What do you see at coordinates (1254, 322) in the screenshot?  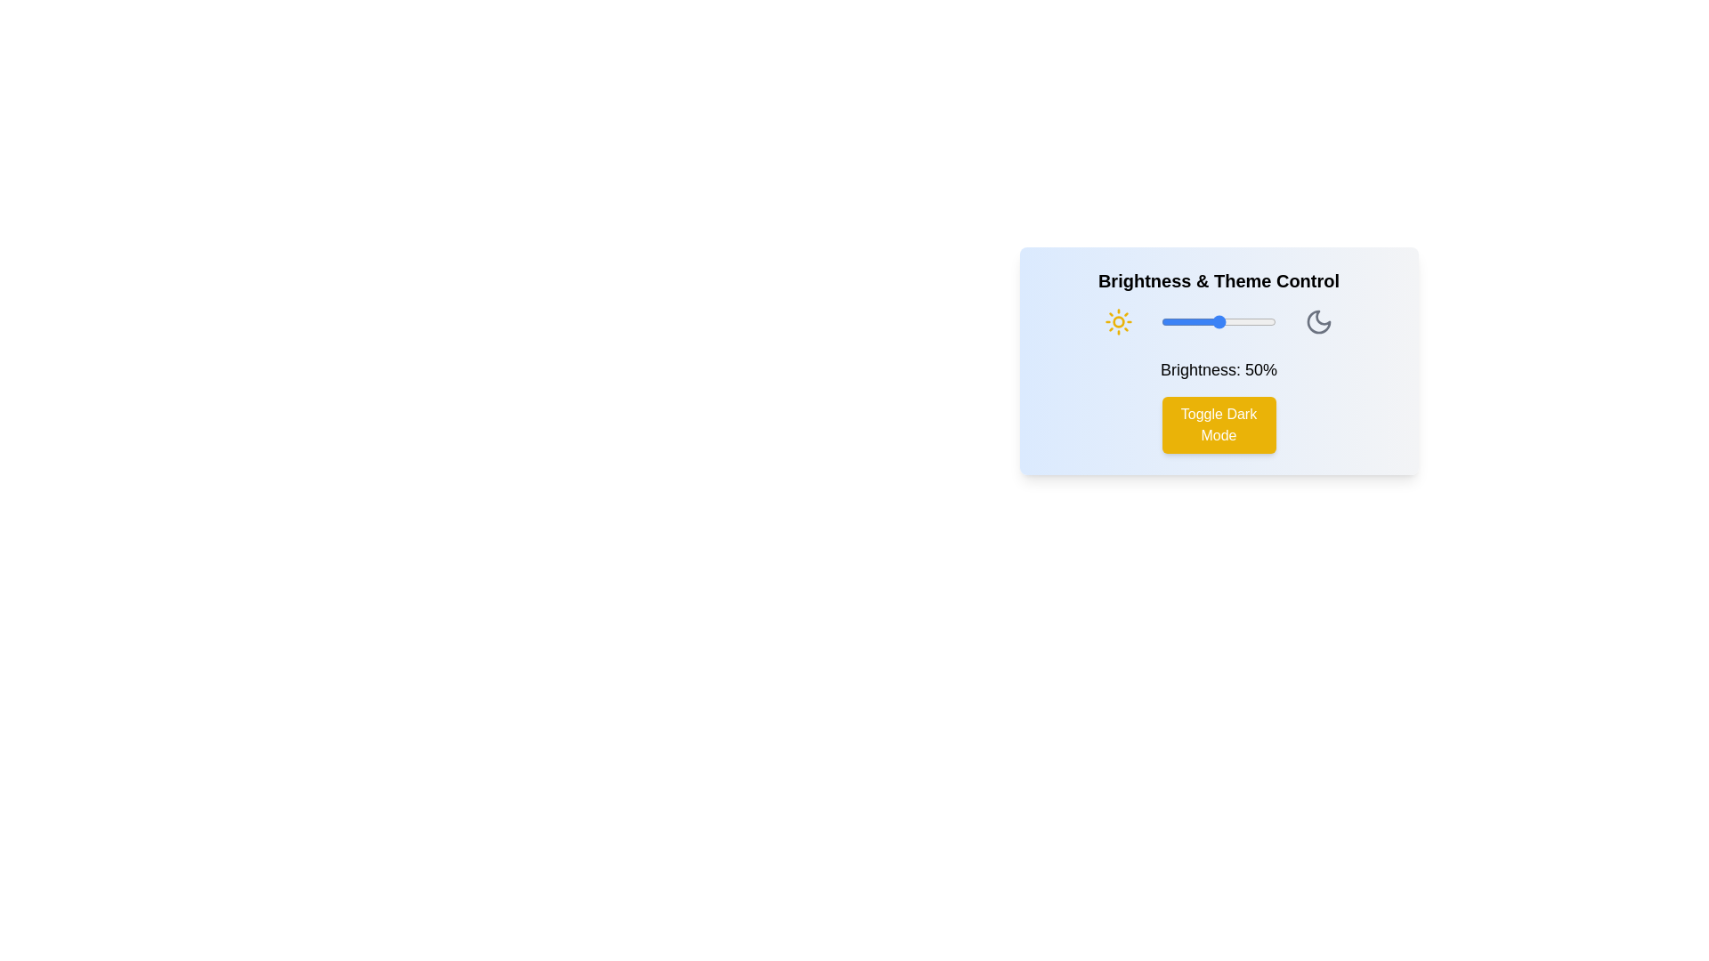 I see `the brightness level to 82% by dragging the slider` at bounding box center [1254, 322].